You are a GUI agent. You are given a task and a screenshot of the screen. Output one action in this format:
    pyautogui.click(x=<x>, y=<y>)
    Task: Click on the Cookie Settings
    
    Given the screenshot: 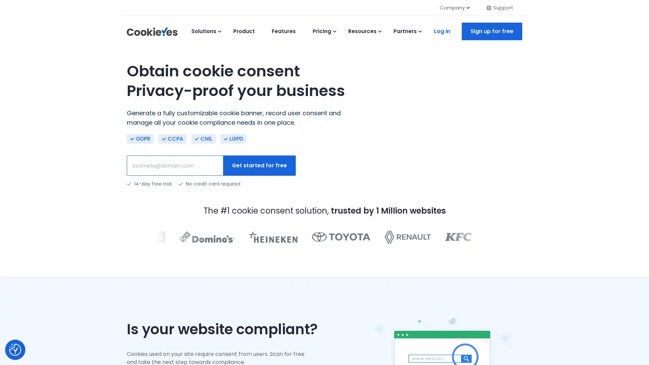 What is the action you would take?
    pyautogui.click(x=15, y=349)
    